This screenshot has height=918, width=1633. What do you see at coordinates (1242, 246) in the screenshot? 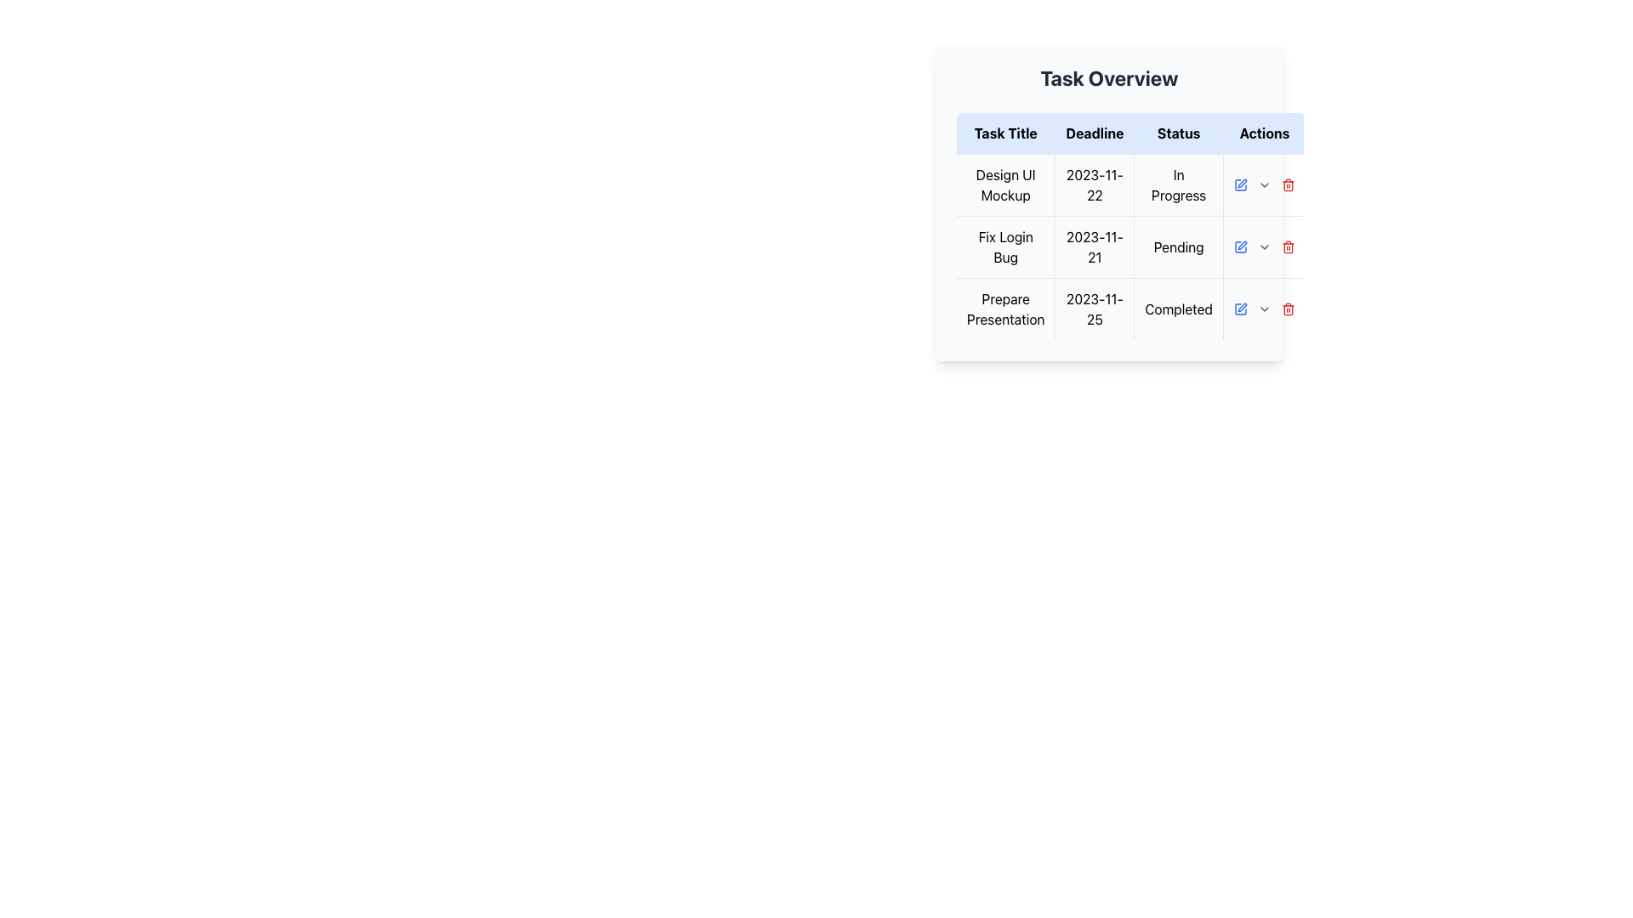
I see `the pen-shaped SVG icon located in the 'Actions' column of the second row, adjacent to the 'Fix Login Bug' task` at bounding box center [1242, 246].